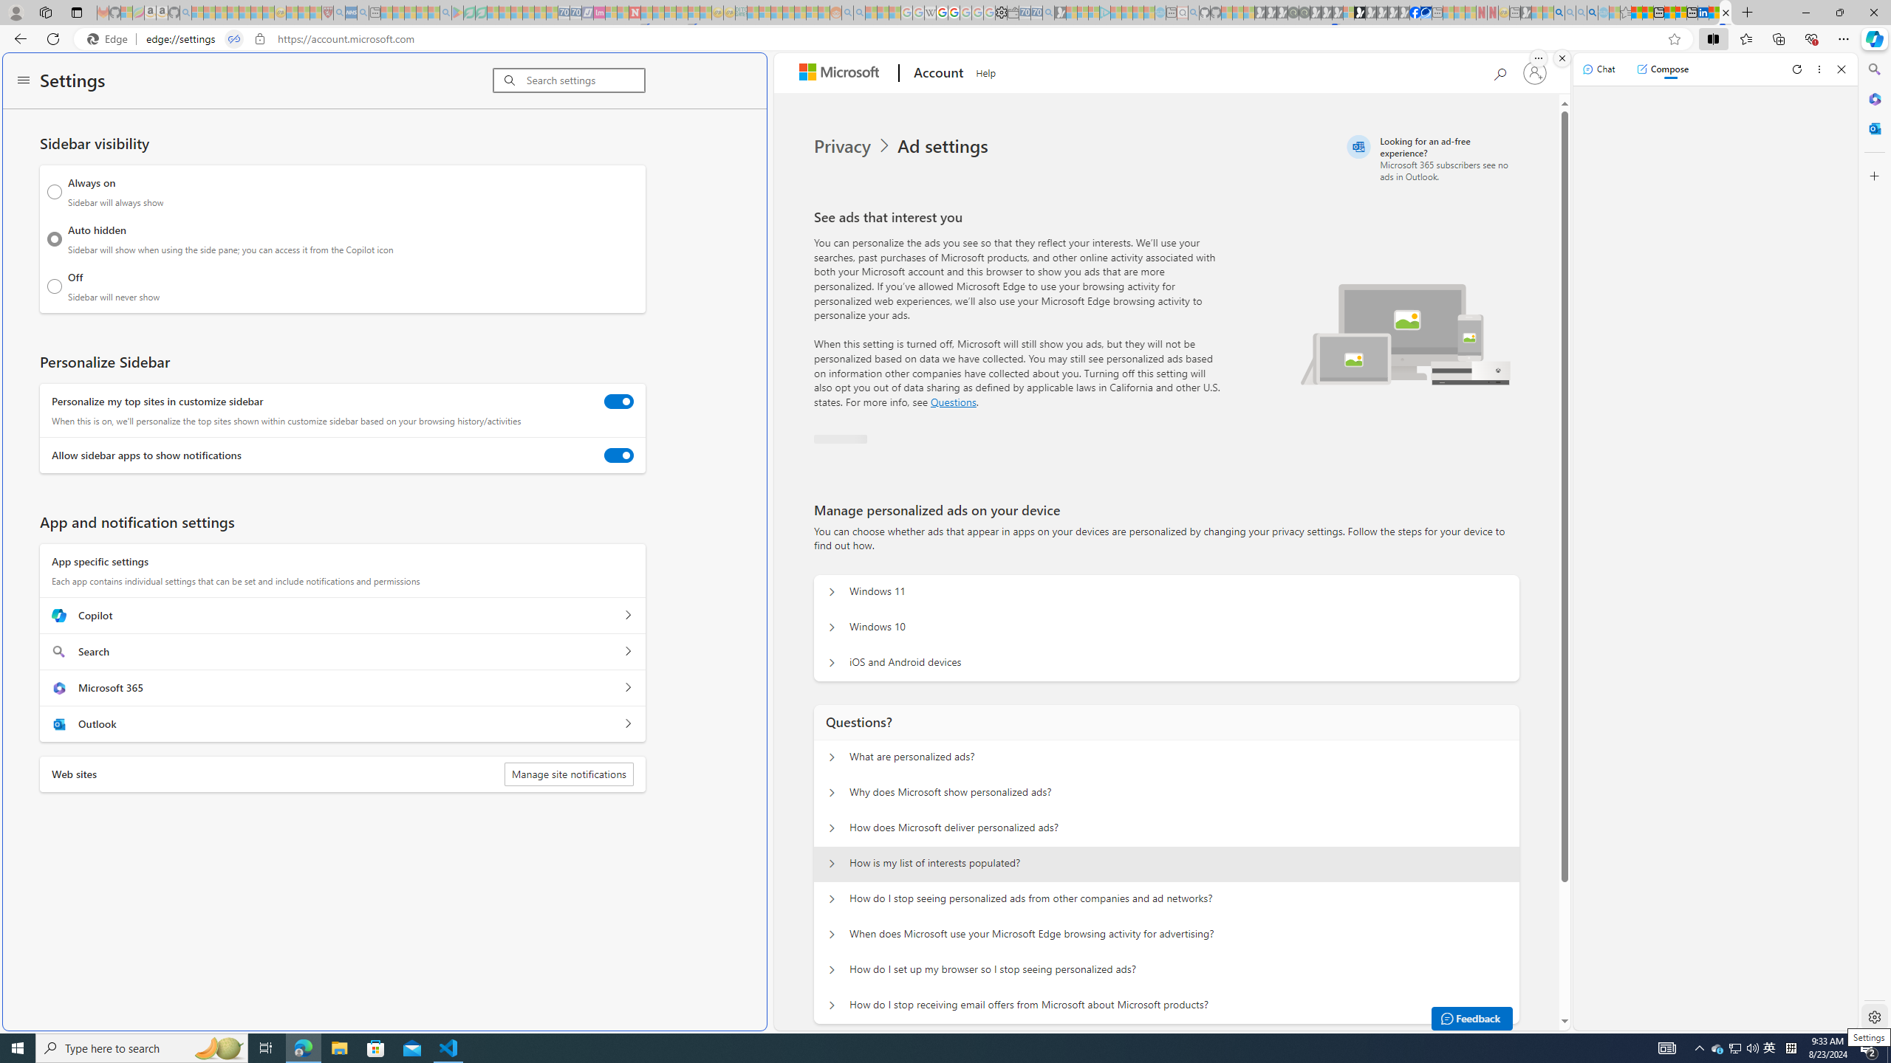  What do you see at coordinates (362, 12) in the screenshot?
I see `'utah sues federal government - Search - Sleeping'` at bounding box center [362, 12].